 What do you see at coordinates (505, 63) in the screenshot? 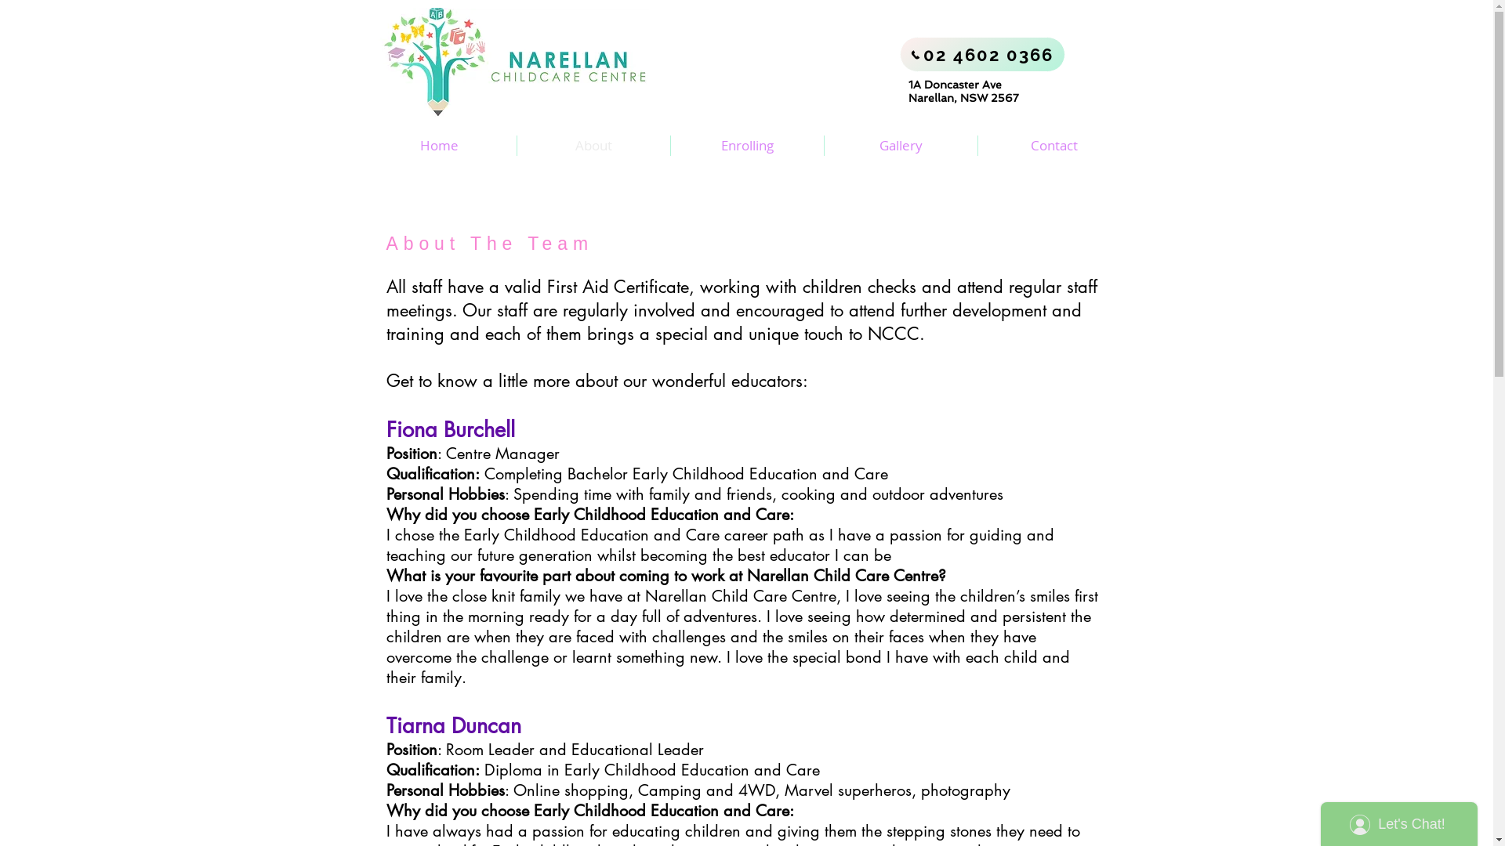
I see `'Narellan Logo (Side).jpg'` at bounding box center [505, 63].